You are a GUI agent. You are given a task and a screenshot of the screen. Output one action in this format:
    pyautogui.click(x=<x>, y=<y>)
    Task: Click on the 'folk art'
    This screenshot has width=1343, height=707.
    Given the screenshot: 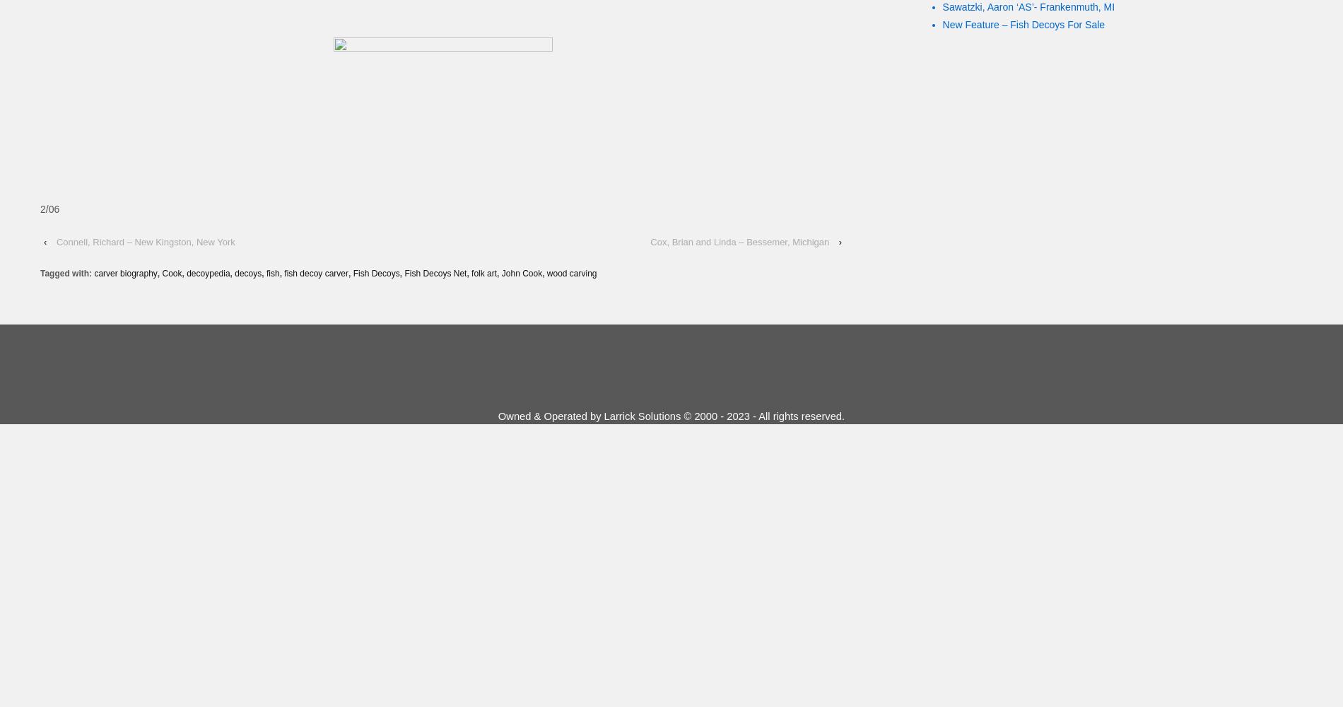 What is the action you would take?
    pyautogui.click(x=483, y=274)
    